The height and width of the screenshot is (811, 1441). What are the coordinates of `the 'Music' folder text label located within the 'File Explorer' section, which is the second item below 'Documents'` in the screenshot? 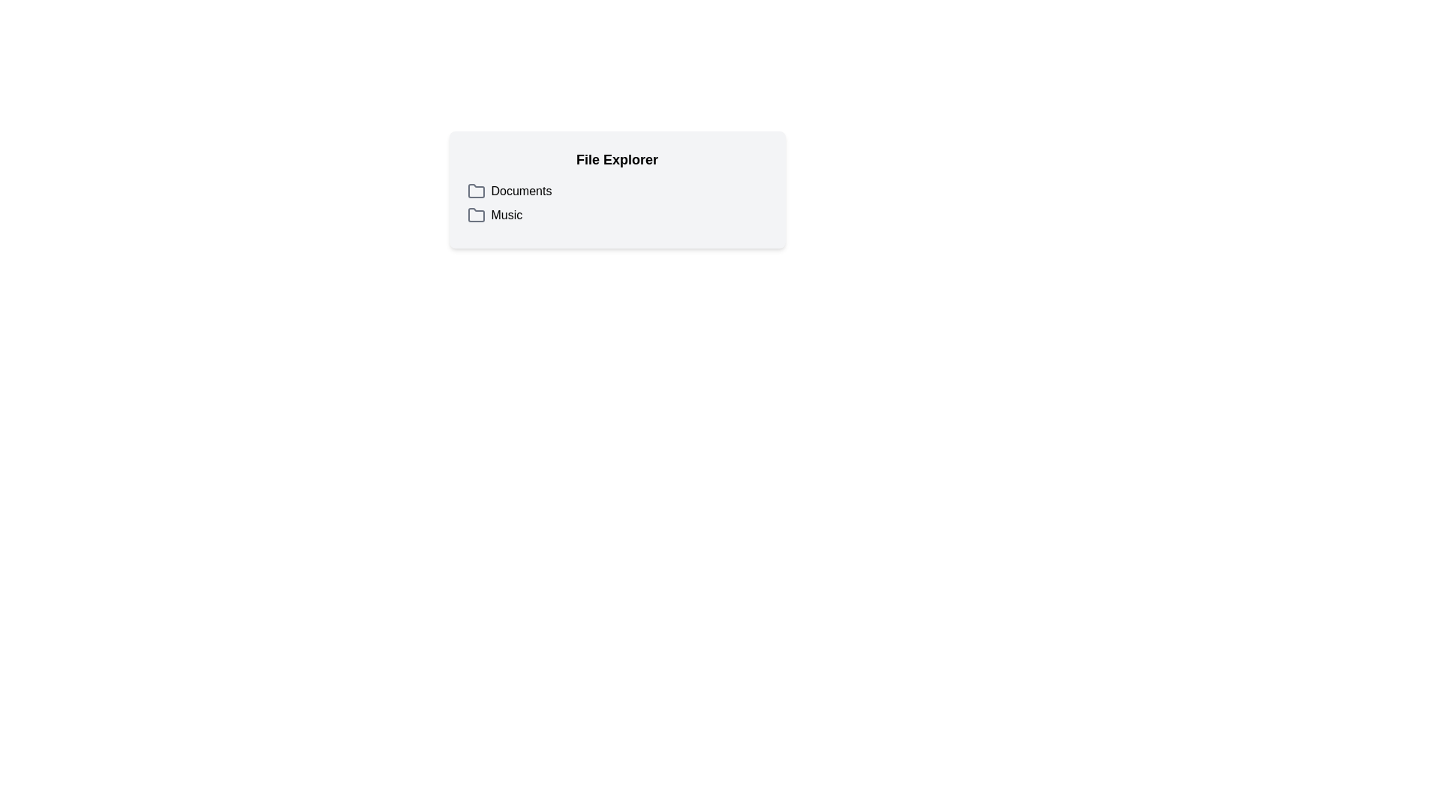 It's located at (507, 215).